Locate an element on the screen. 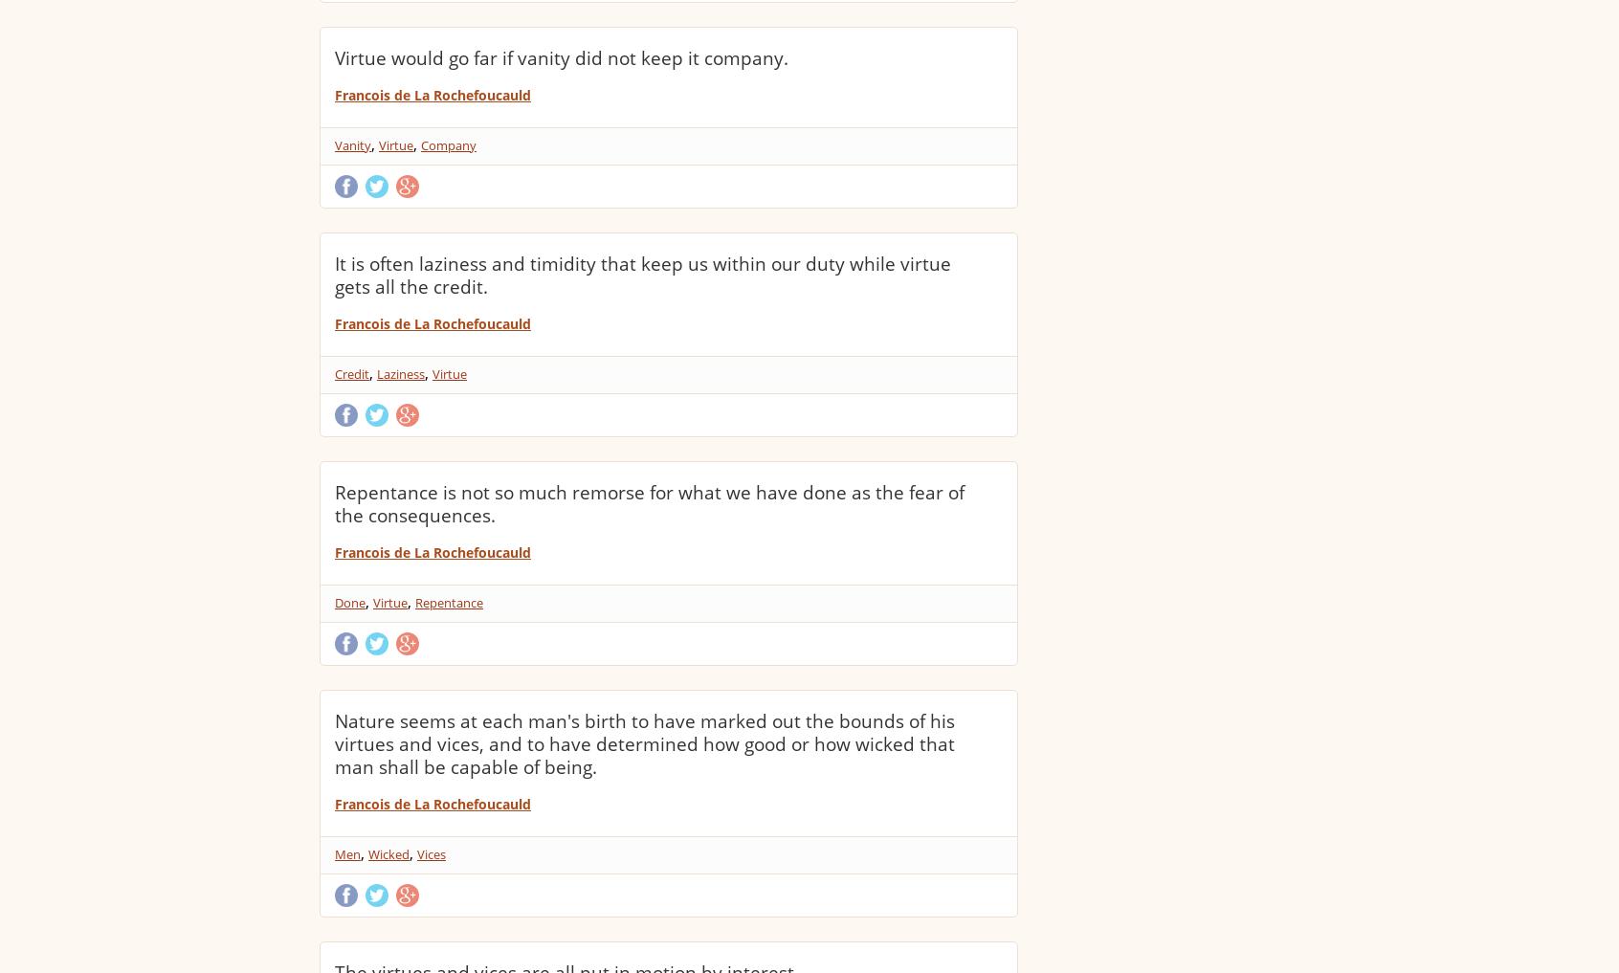 This screenshot has height=973, width=1619. 'Men' is located at coordinates (347, 854).